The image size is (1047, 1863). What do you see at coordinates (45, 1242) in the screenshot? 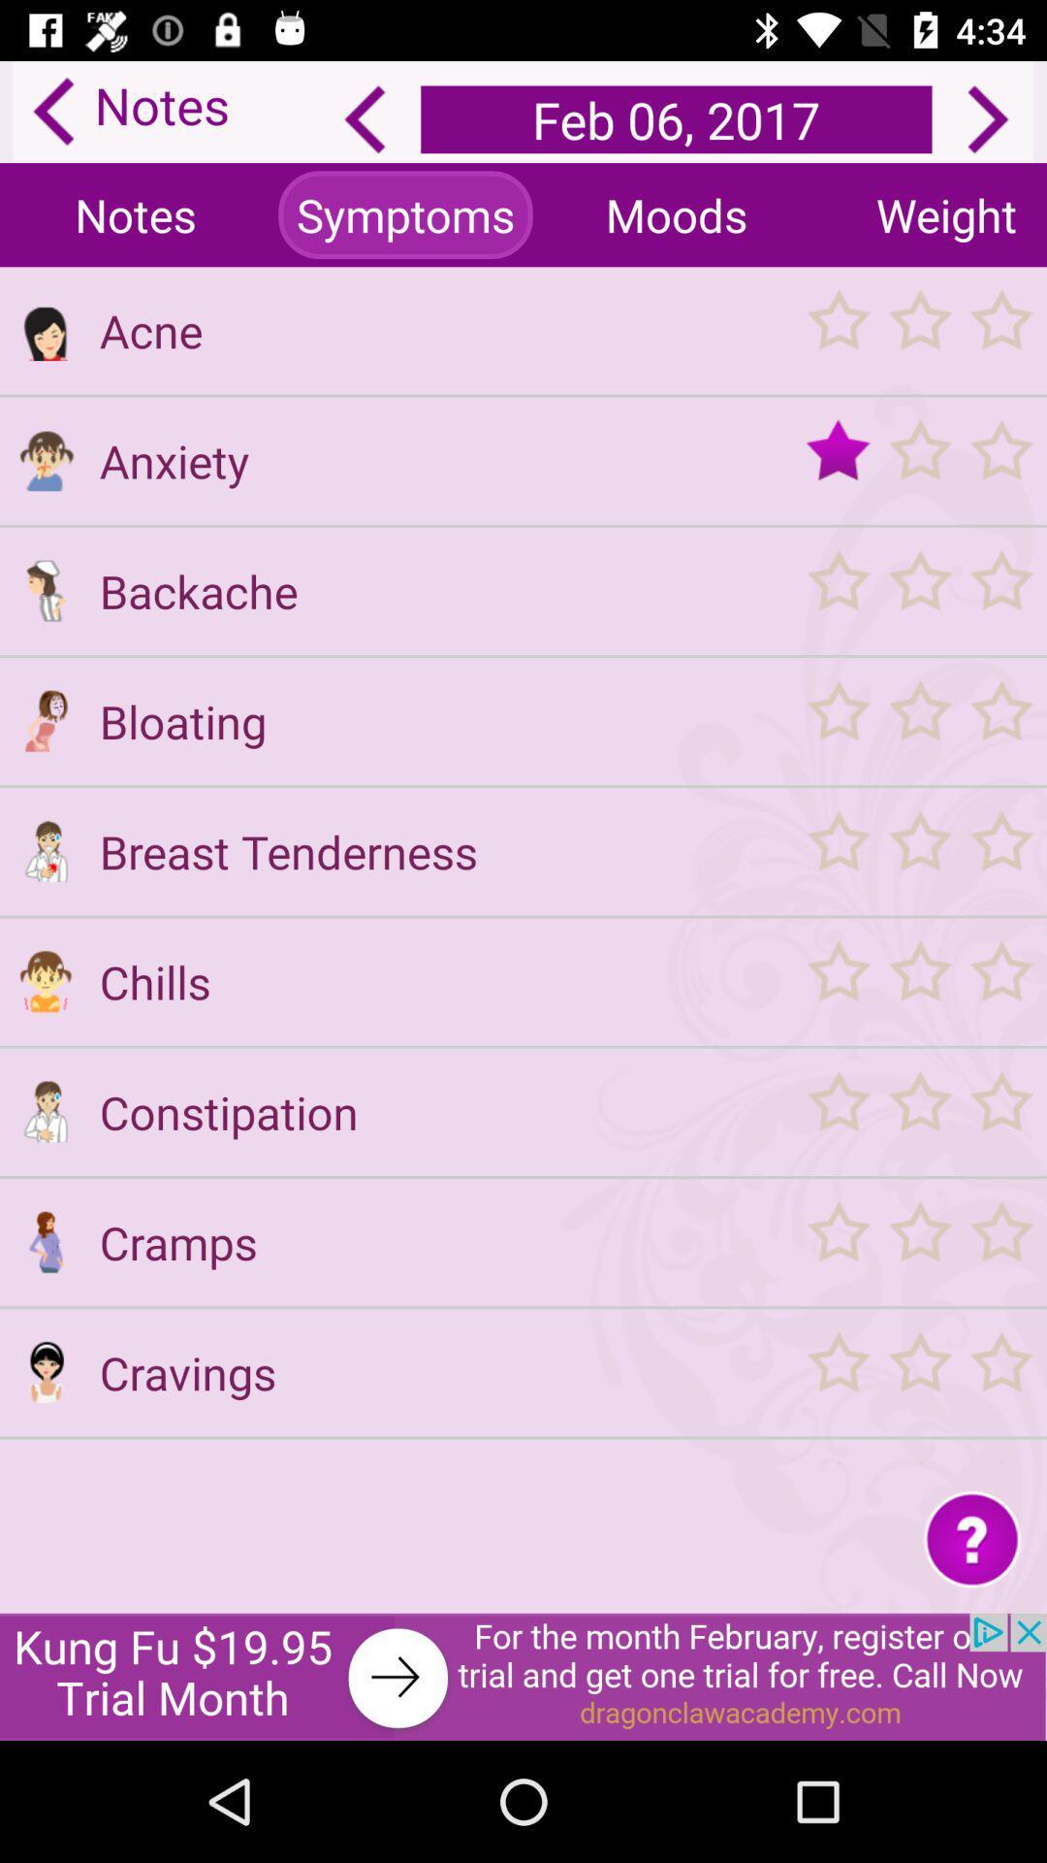
I see `menu option` at bounding box center [45, 1242].